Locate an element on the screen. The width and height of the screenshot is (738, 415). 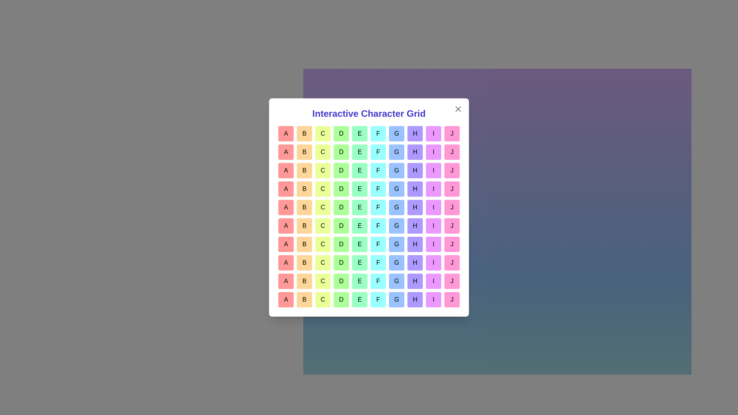
the grid cell labeled G is located at coordinates (397, 133).